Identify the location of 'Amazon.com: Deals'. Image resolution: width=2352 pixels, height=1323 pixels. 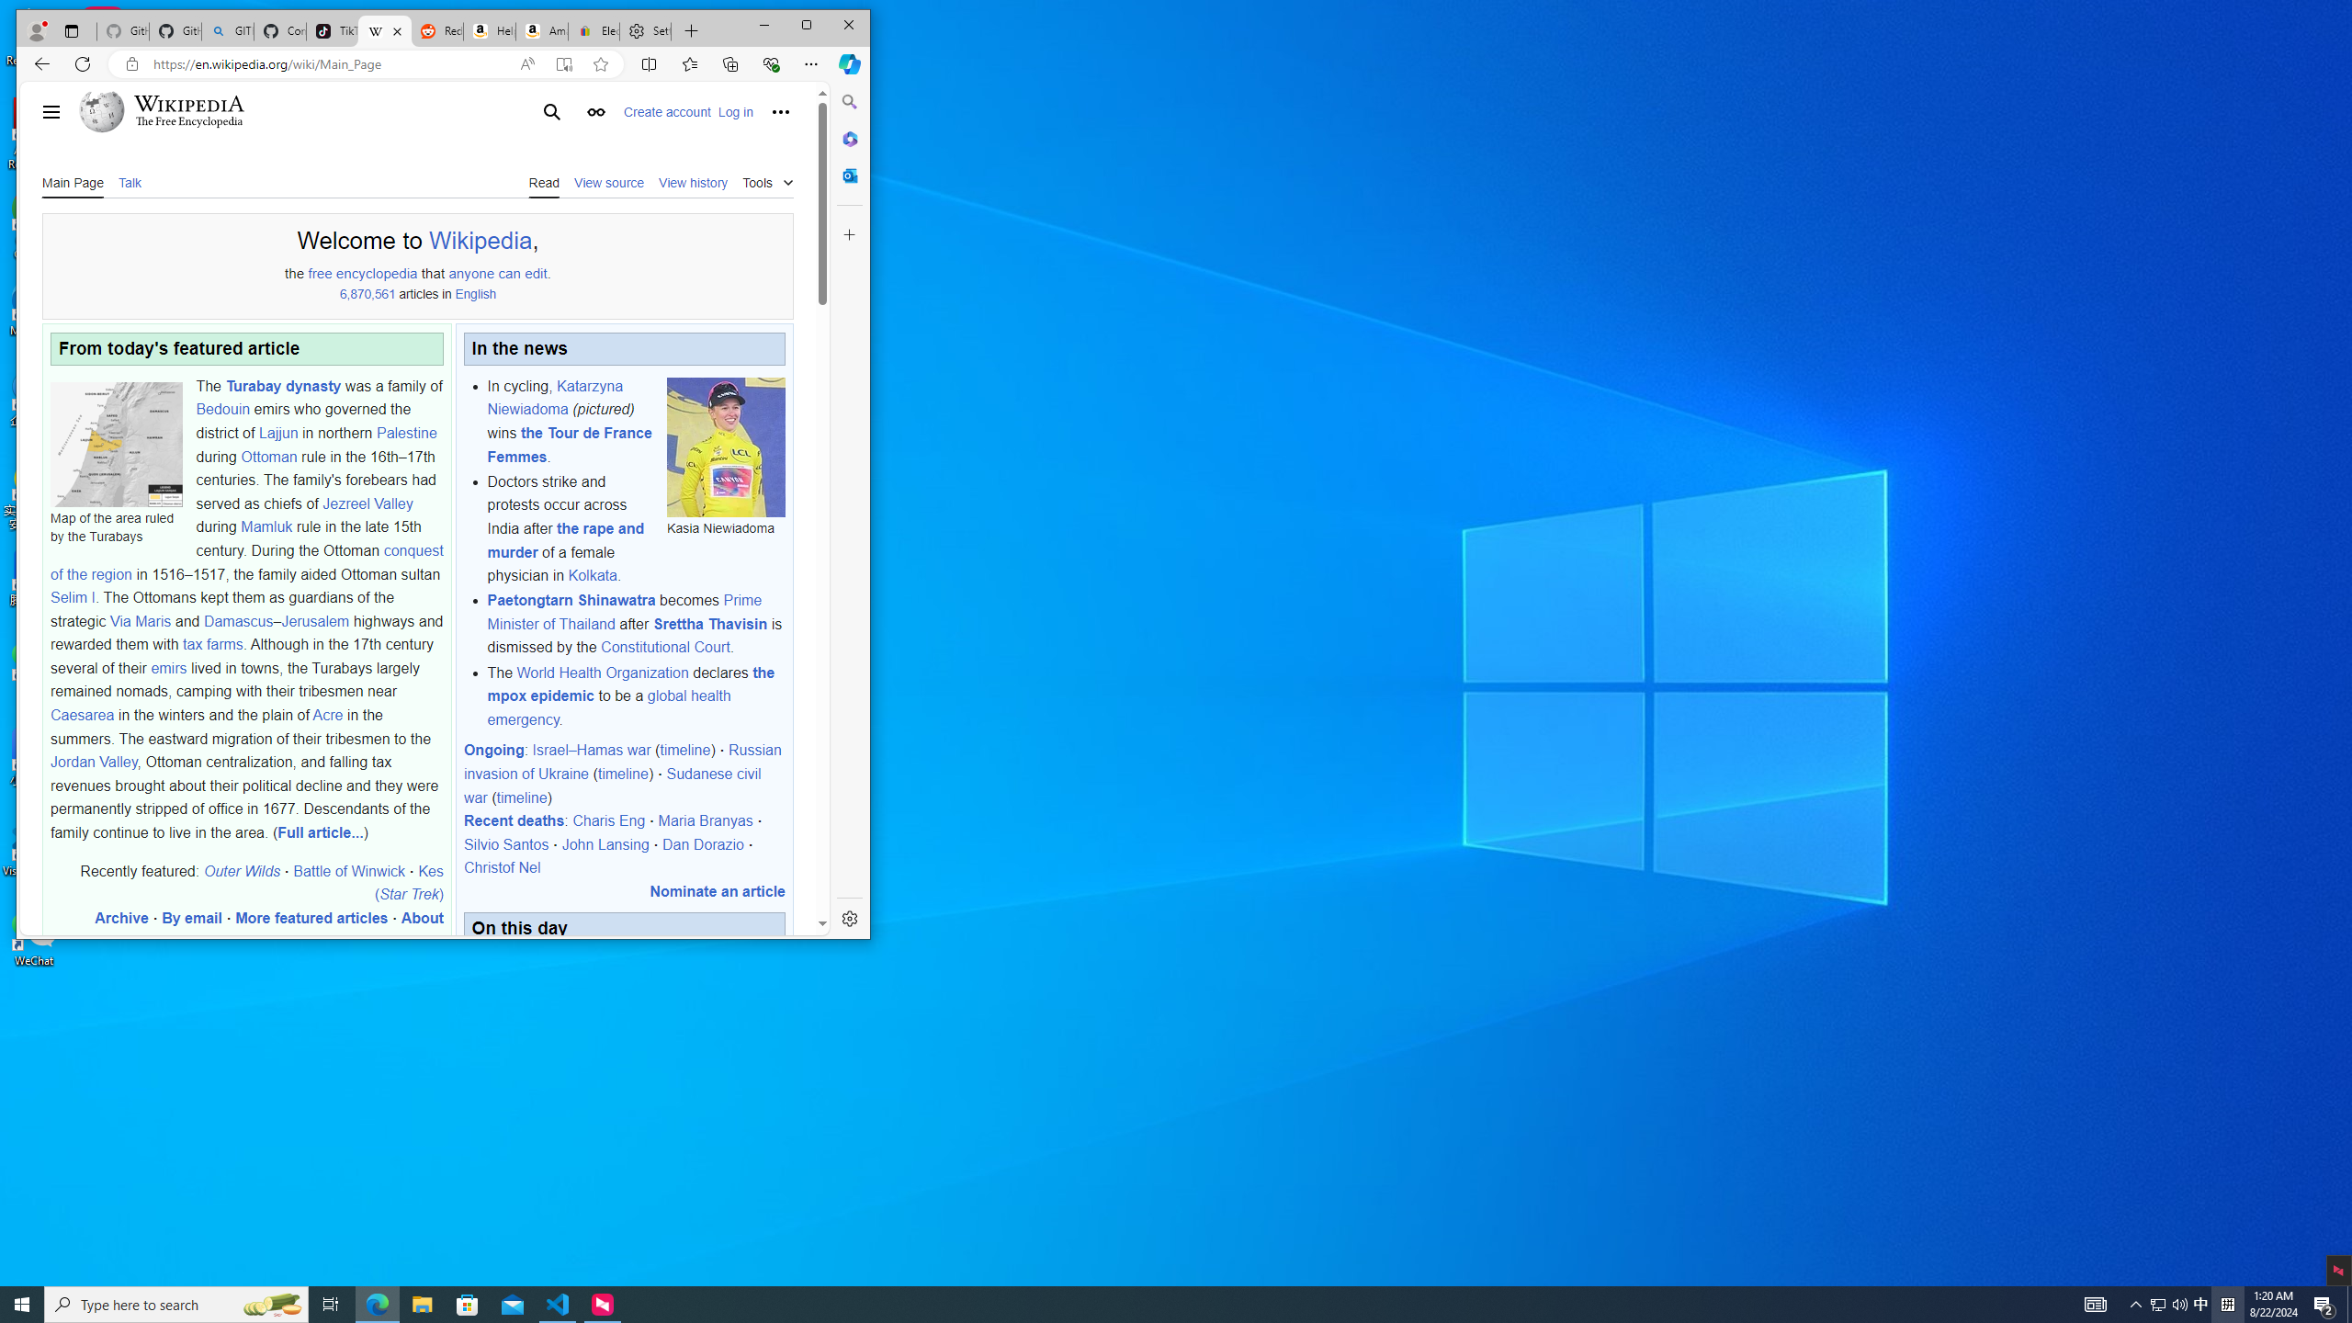
(542, 31).